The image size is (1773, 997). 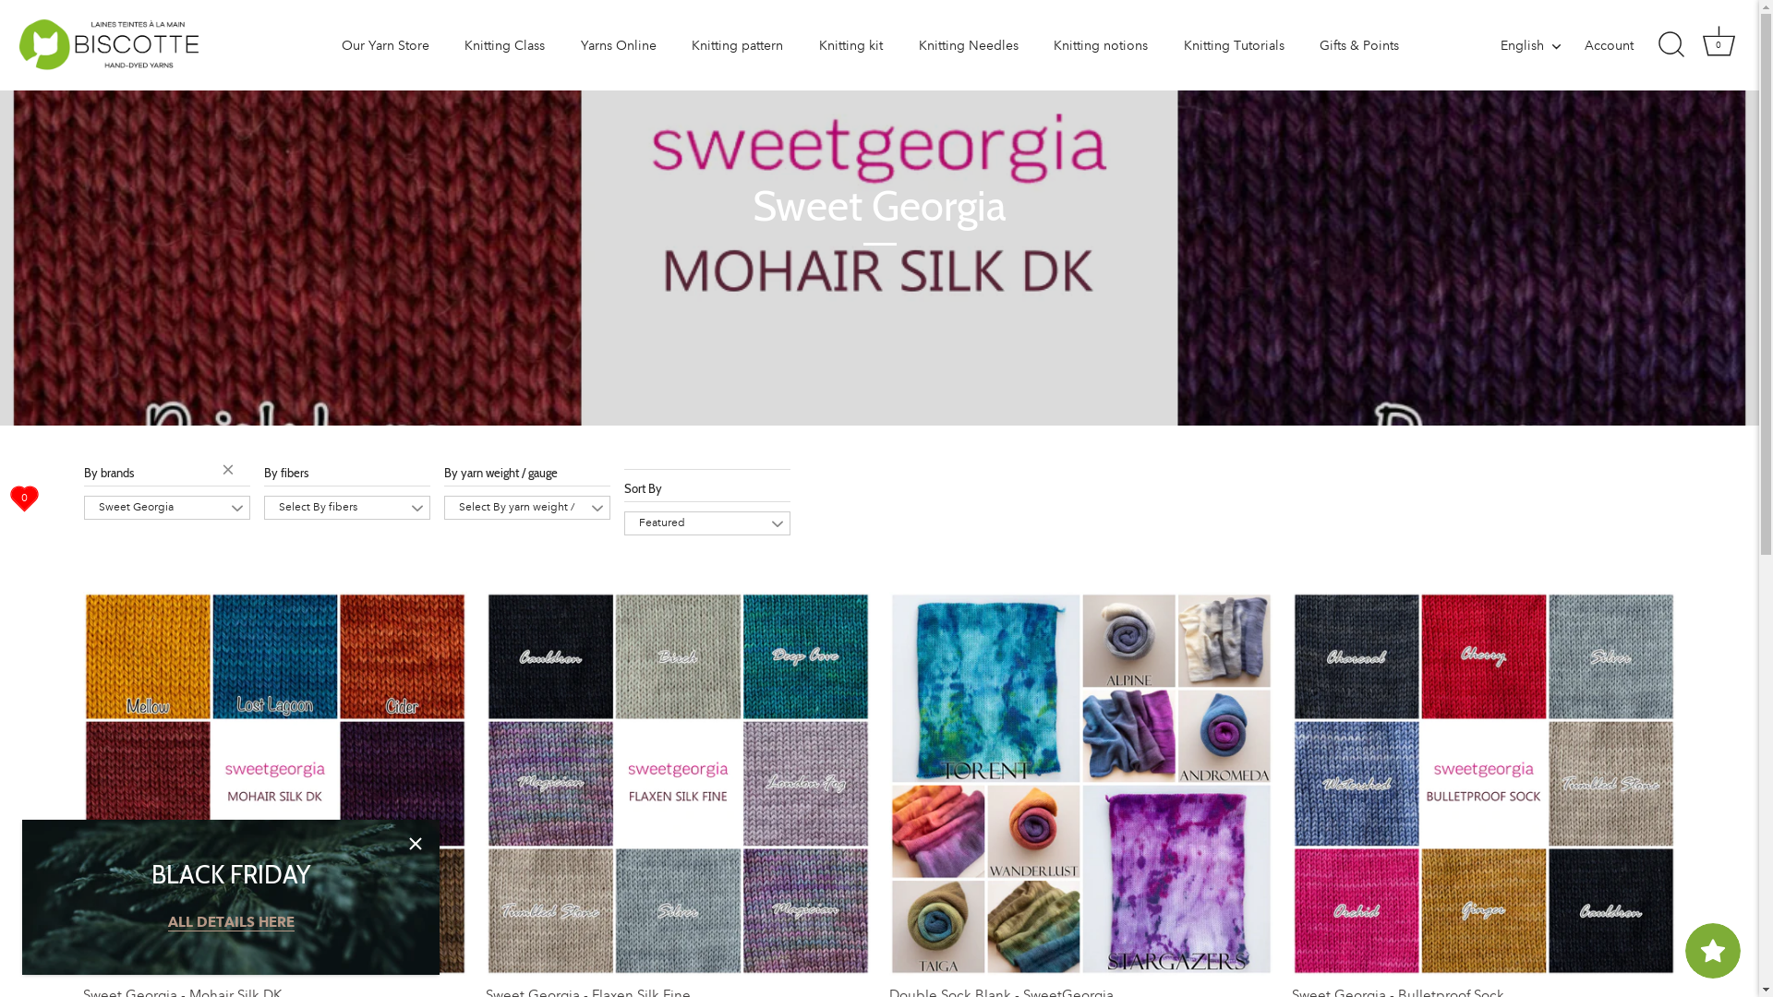 I want to click on 'Cart, so click(x=1718, y=44).